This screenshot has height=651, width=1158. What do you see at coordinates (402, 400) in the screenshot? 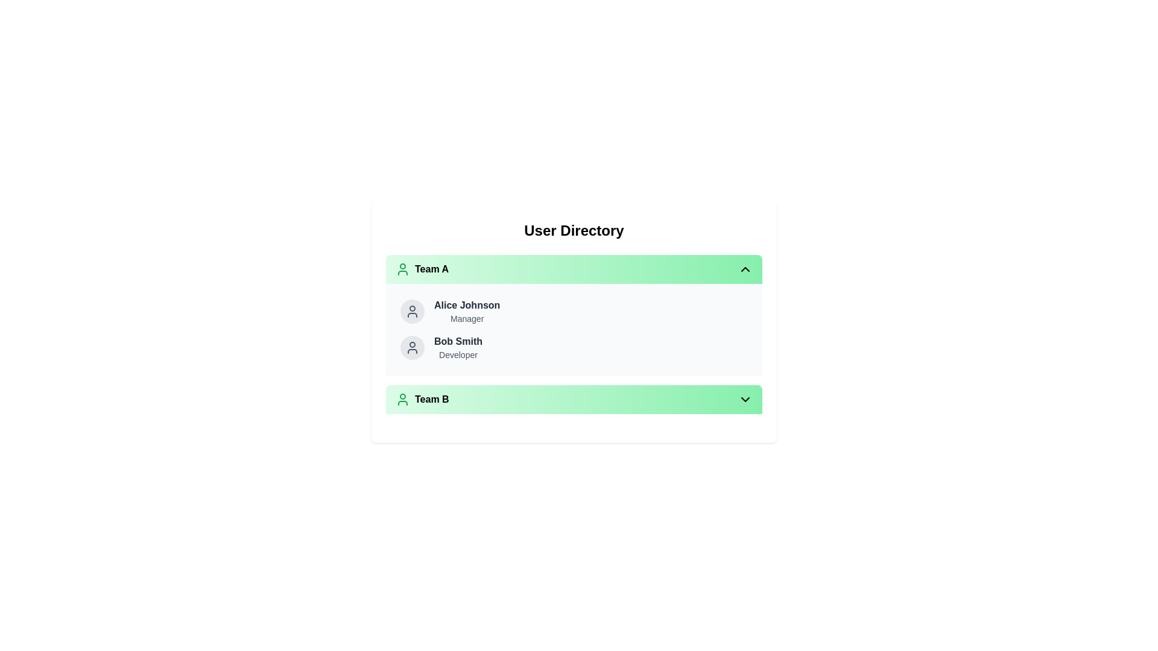
I see `the icon associated with Team B` at bounding box center [402, 400].